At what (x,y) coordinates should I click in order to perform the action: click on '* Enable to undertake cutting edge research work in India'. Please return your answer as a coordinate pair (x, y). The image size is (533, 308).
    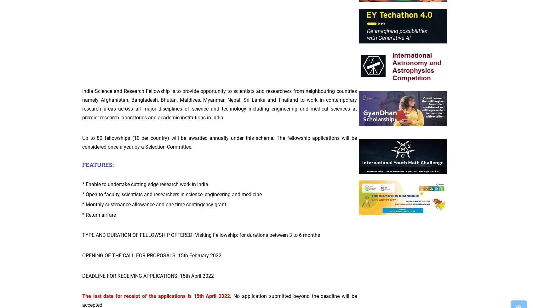
    Looking at the image, I should click on (145, 184).